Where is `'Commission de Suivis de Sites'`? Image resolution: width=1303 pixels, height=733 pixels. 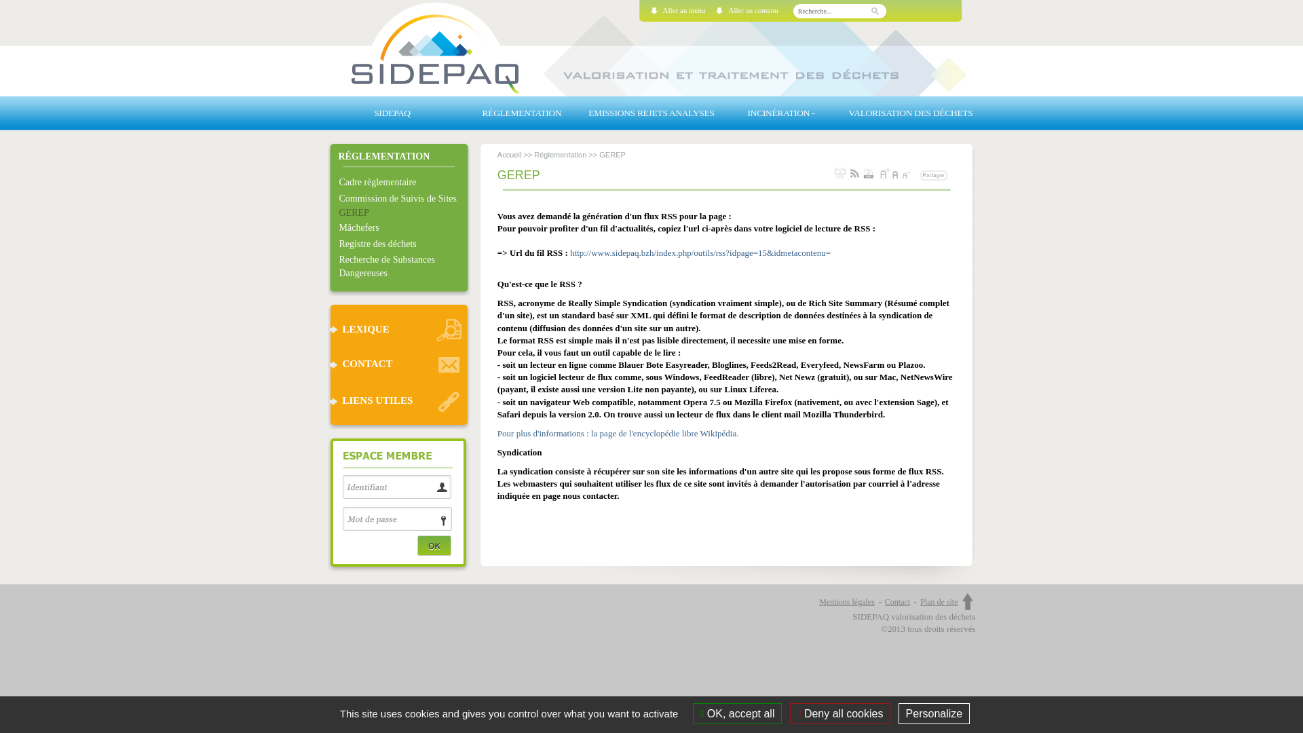 'Commission de Suivis de Sites' is located at coordinates (401, 199).